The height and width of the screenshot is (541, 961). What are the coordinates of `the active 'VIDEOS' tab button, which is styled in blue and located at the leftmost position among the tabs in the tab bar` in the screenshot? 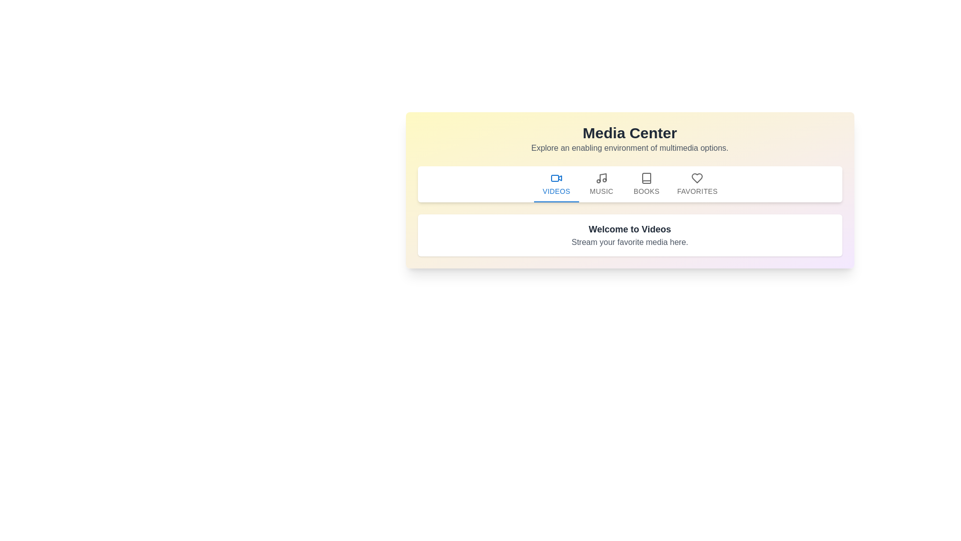 It's located at (556, 184).